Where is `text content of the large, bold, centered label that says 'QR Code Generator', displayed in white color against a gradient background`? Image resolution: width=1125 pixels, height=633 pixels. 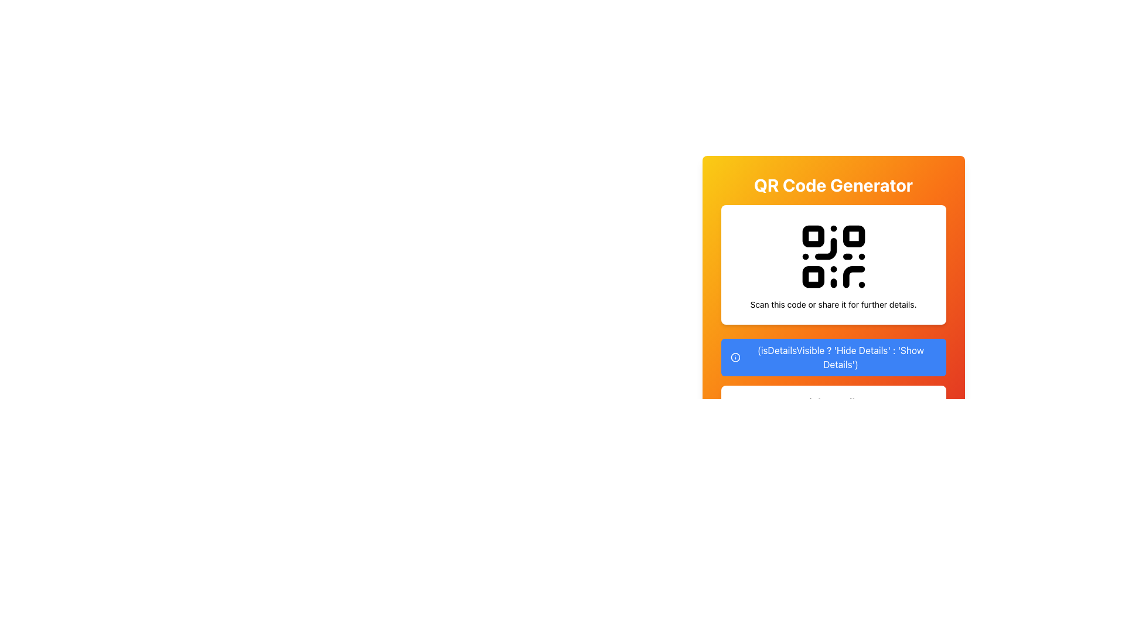
text content of the large, bold, centered label that says 'QR Code Generator', displayed in white color against a gradient background is located at coordinates (833, 185).